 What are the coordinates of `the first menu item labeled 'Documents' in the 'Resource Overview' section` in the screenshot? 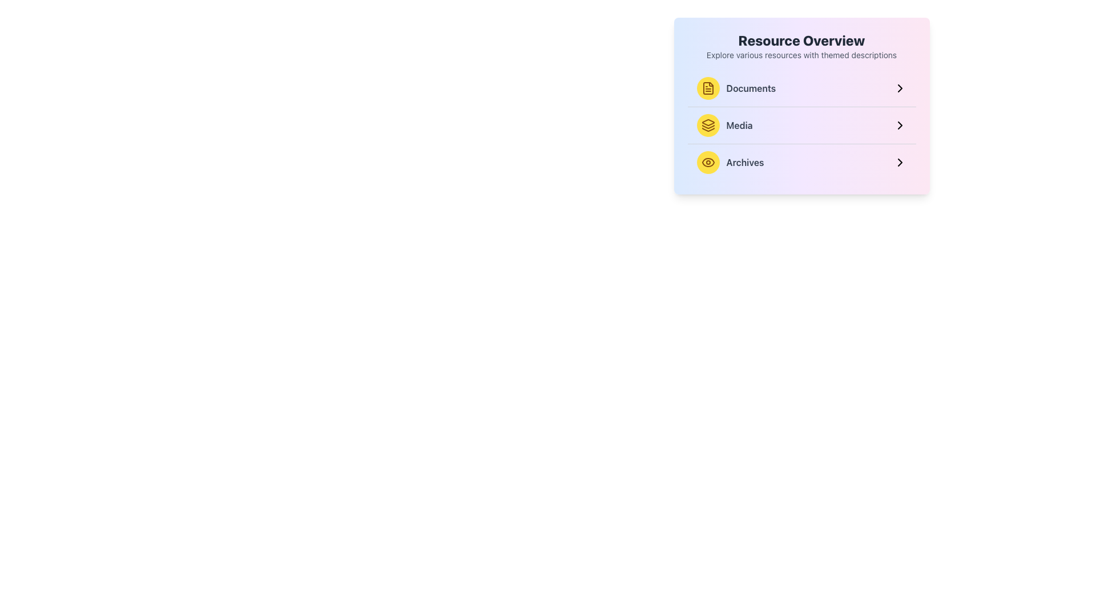 It's located at (736, 87).